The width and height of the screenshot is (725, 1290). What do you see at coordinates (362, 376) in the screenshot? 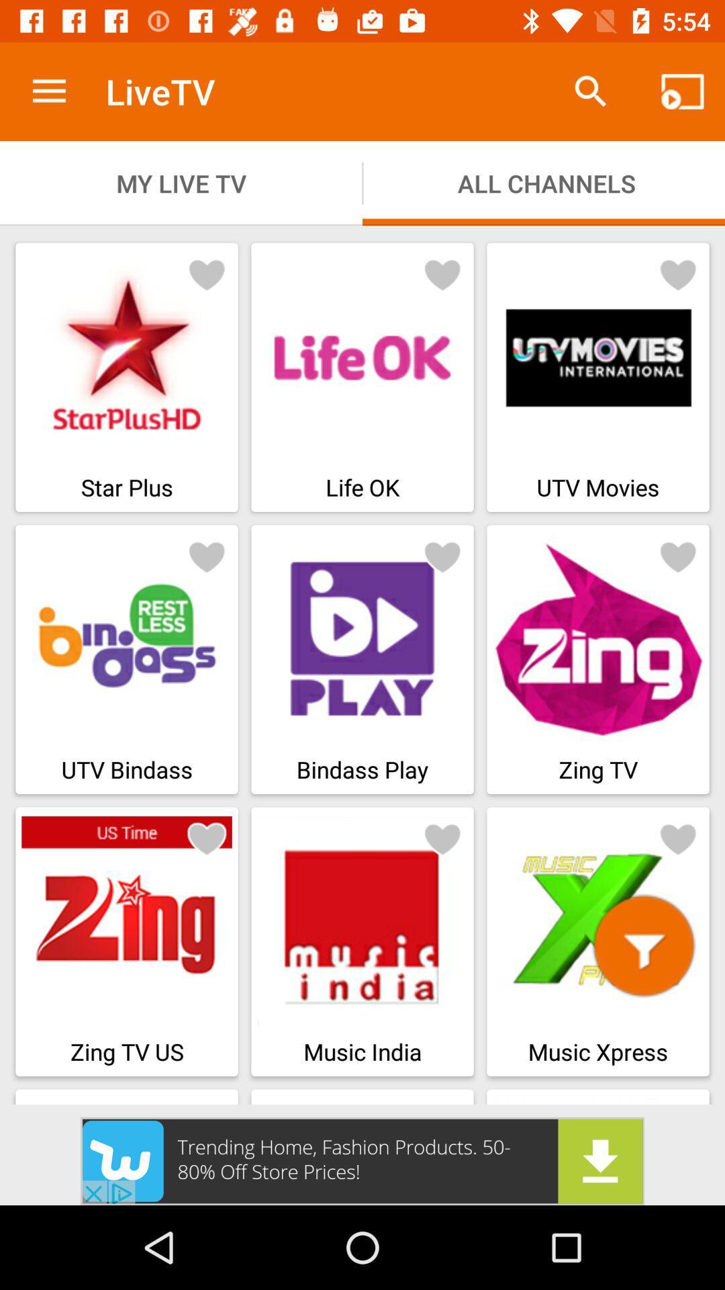
I see `the life ok image text` at bounding box center [362, 376].